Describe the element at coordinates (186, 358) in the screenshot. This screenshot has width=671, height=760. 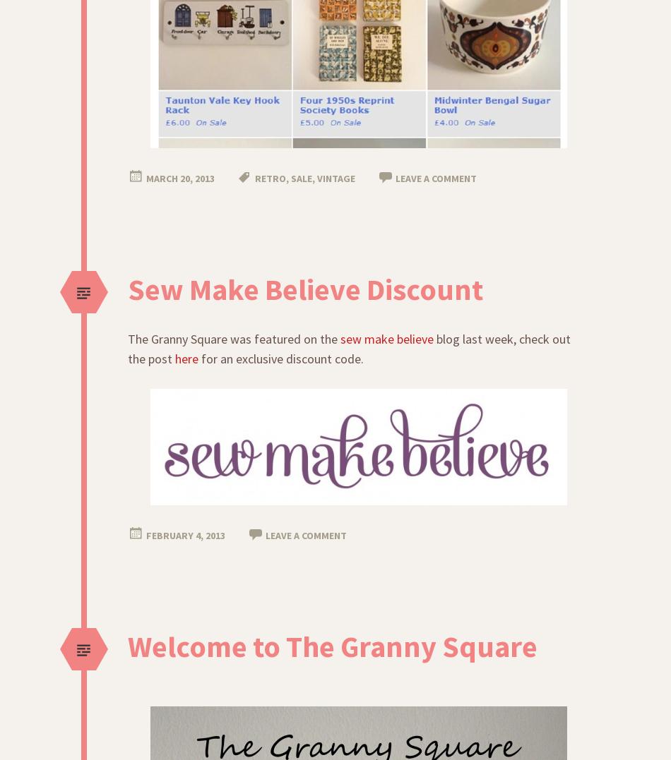
I see `'here'` at that location.